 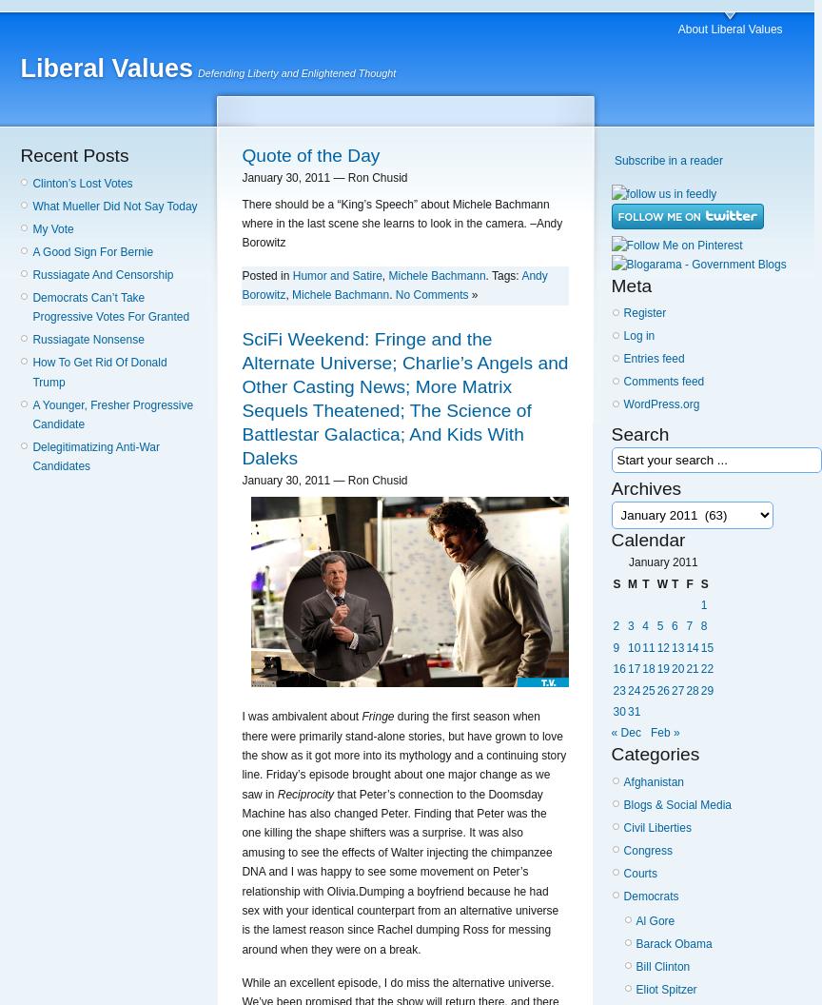 I want to click on '19', so click(x=662, y=668).